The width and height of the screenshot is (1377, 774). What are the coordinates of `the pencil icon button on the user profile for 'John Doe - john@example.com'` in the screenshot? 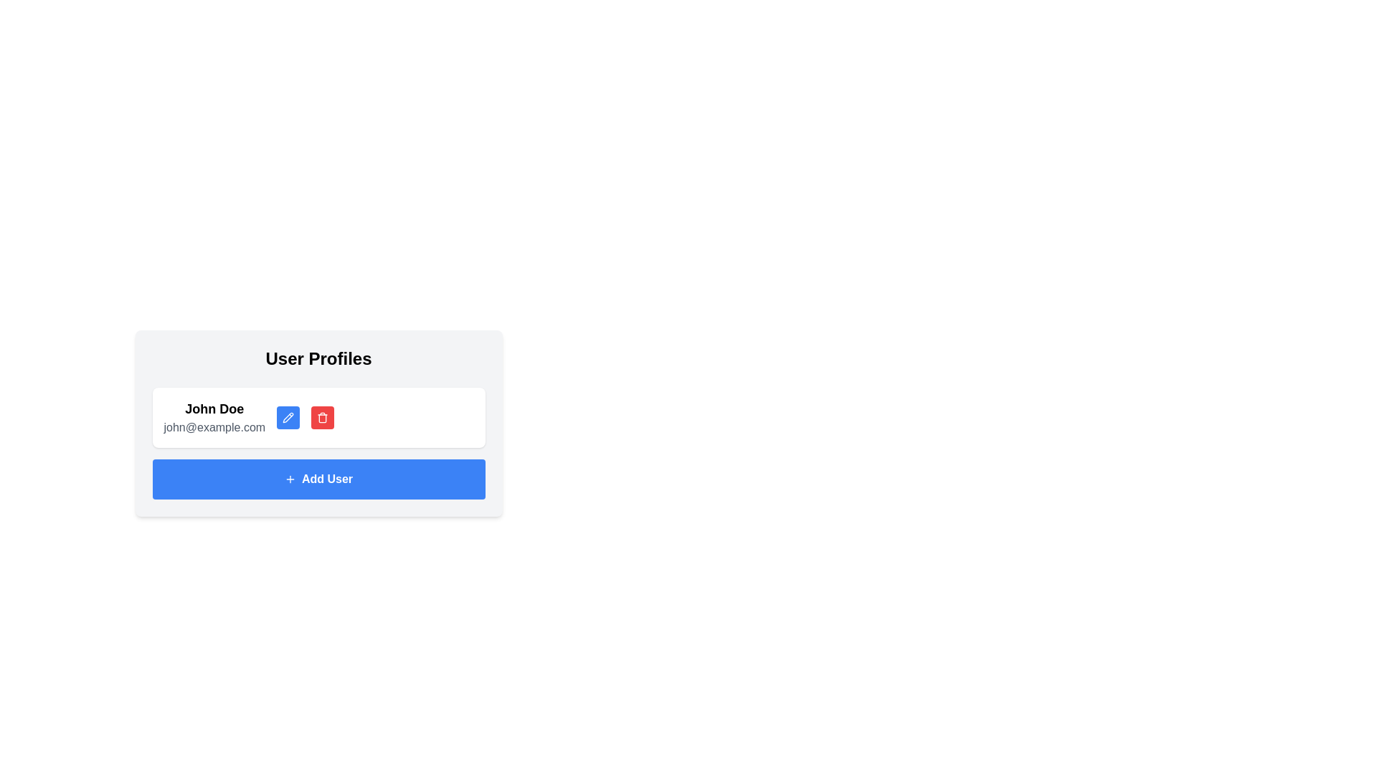 It's located at (288, 417).